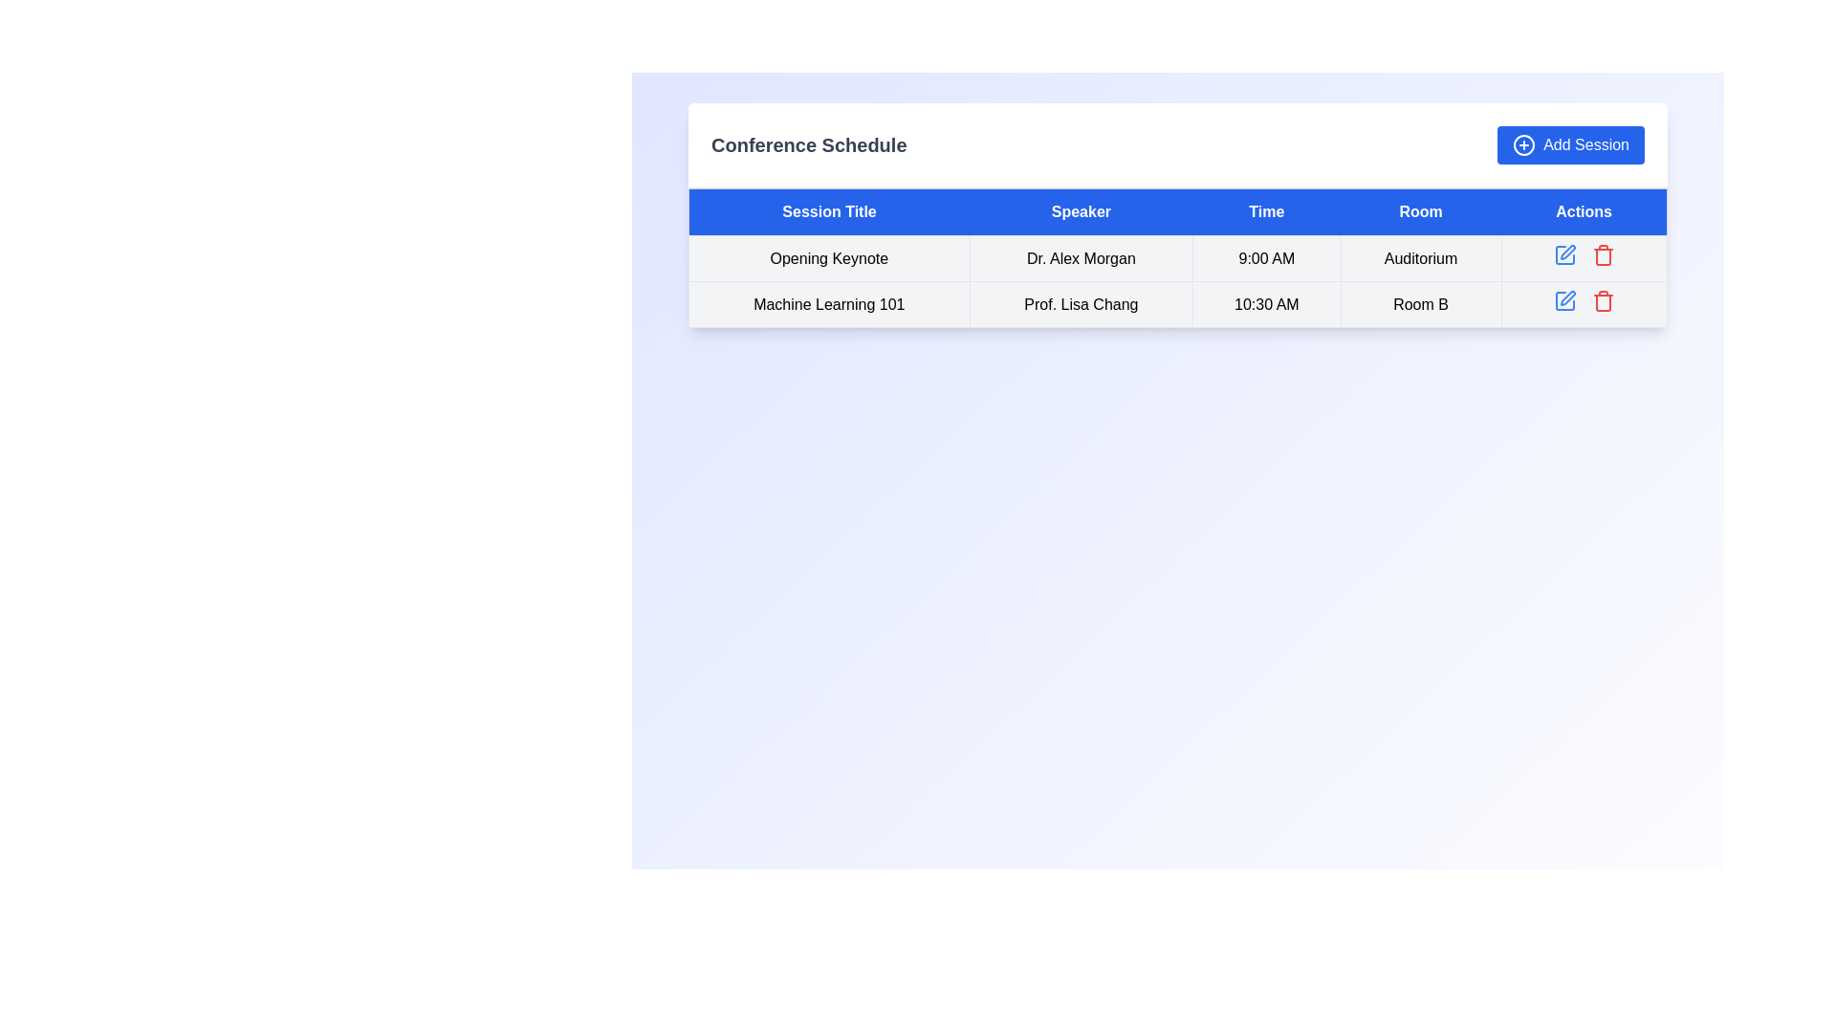 The image size is (1836, 1033). Describe the element at coordinates (1584, 212) in the screenshot. I see `text of the rightmost column header in the table, which has a blue background and white text reading 'Actions'` at that location.